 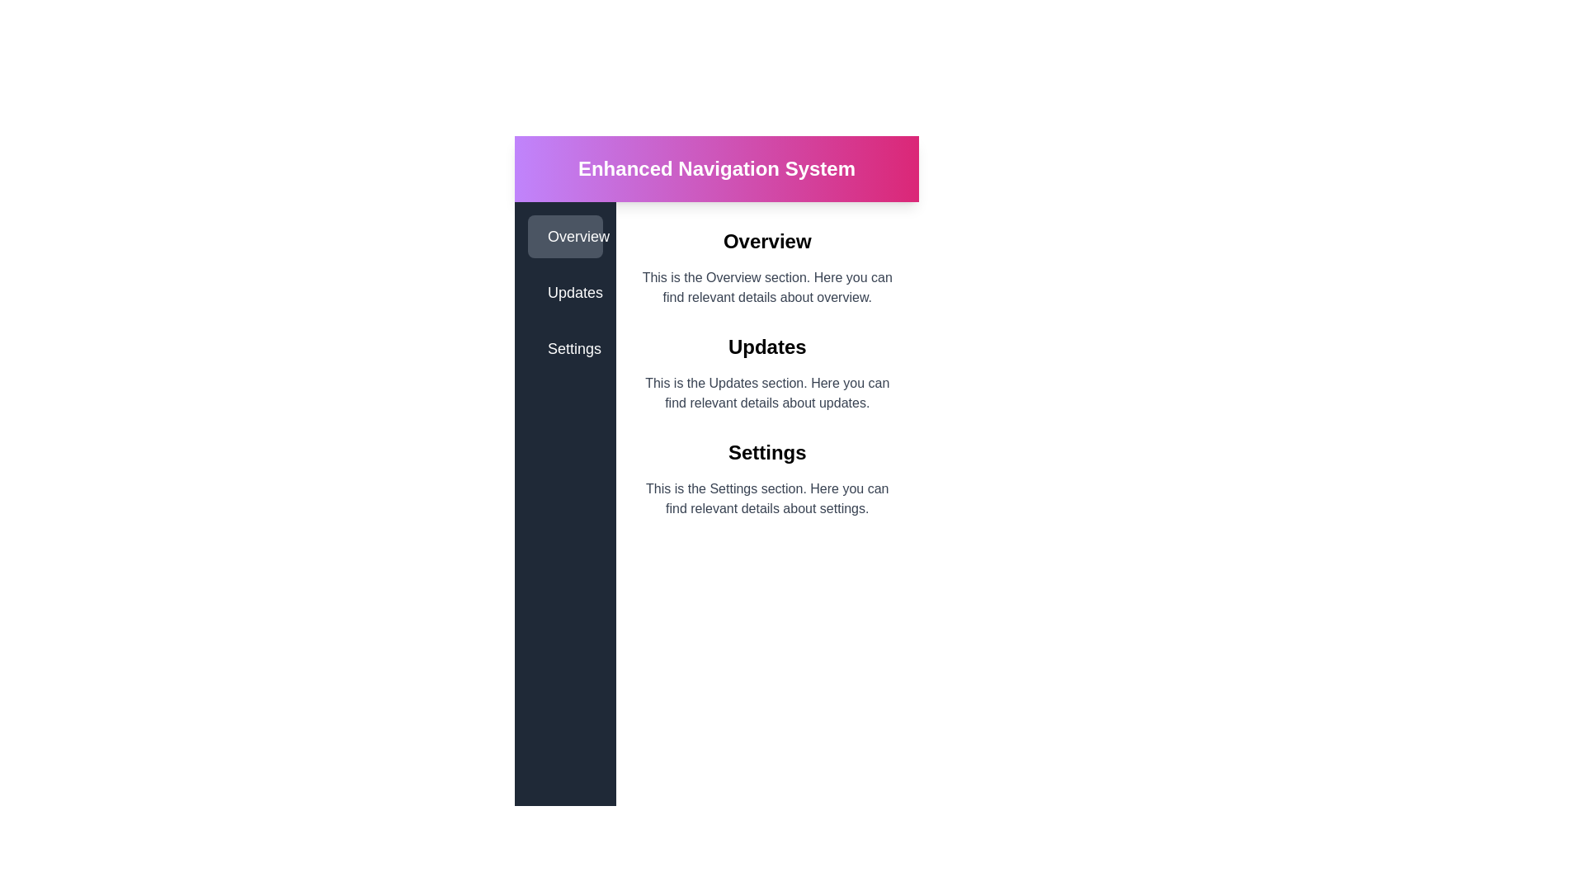 What do you see at coordinates (766, 394) in the screenshot?
I see `text content of the paragraph styled in gray color, located directly below the 'Updates' title in the Updates section` at bounding box center [766, 394].